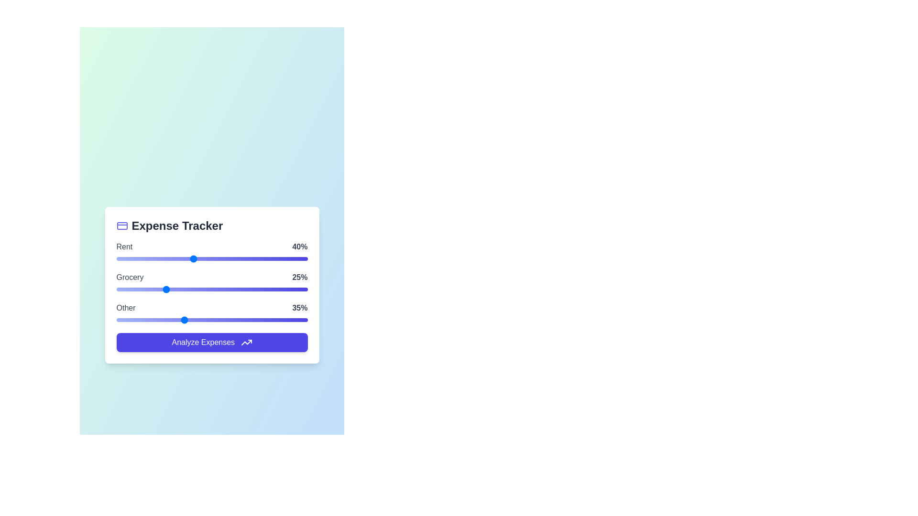 This screenshot has height=516, width=918. Describe the element at coordinates (179, 258) in the screenshot. I see `the 'Rent' slider to 33%` at that location.